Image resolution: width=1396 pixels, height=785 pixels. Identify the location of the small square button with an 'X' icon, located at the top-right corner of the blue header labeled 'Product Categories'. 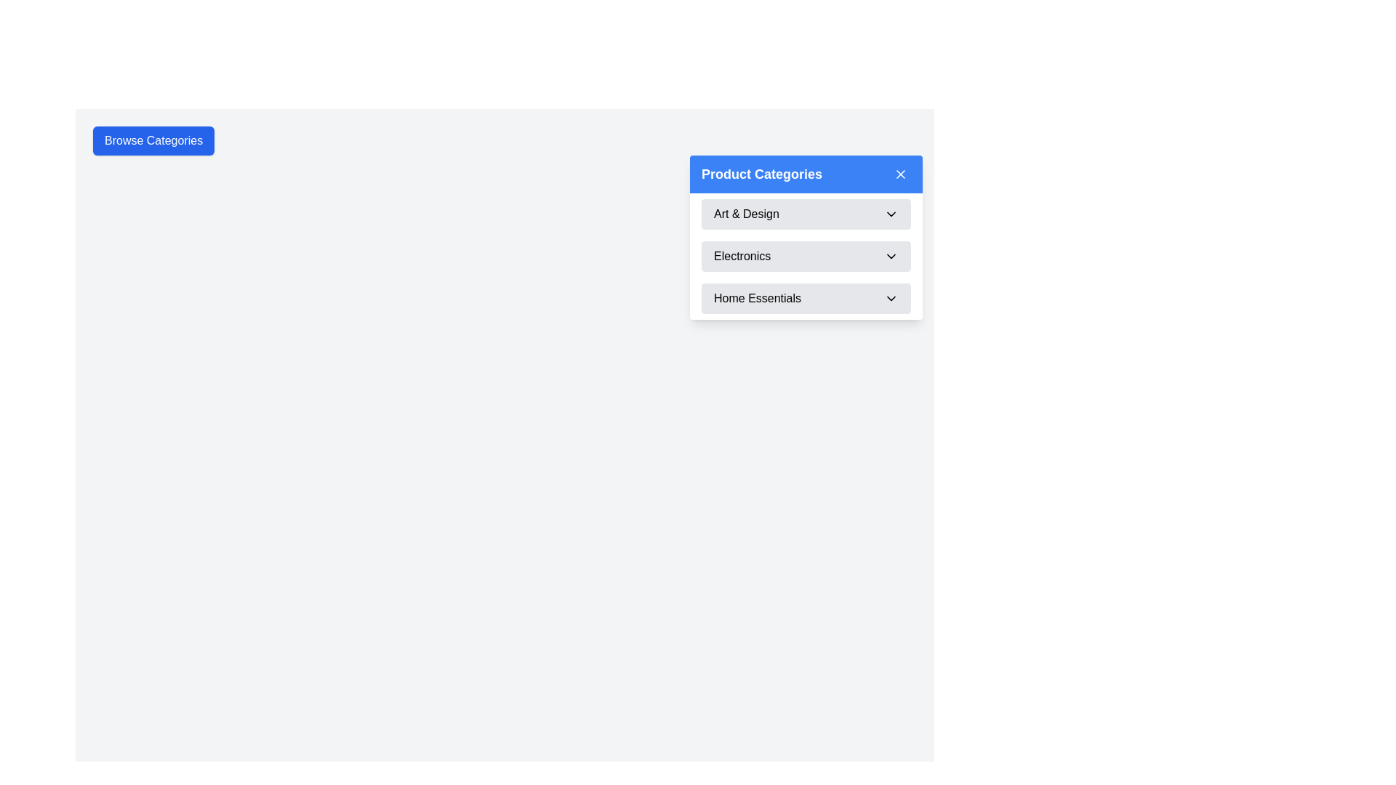
(899, 173).